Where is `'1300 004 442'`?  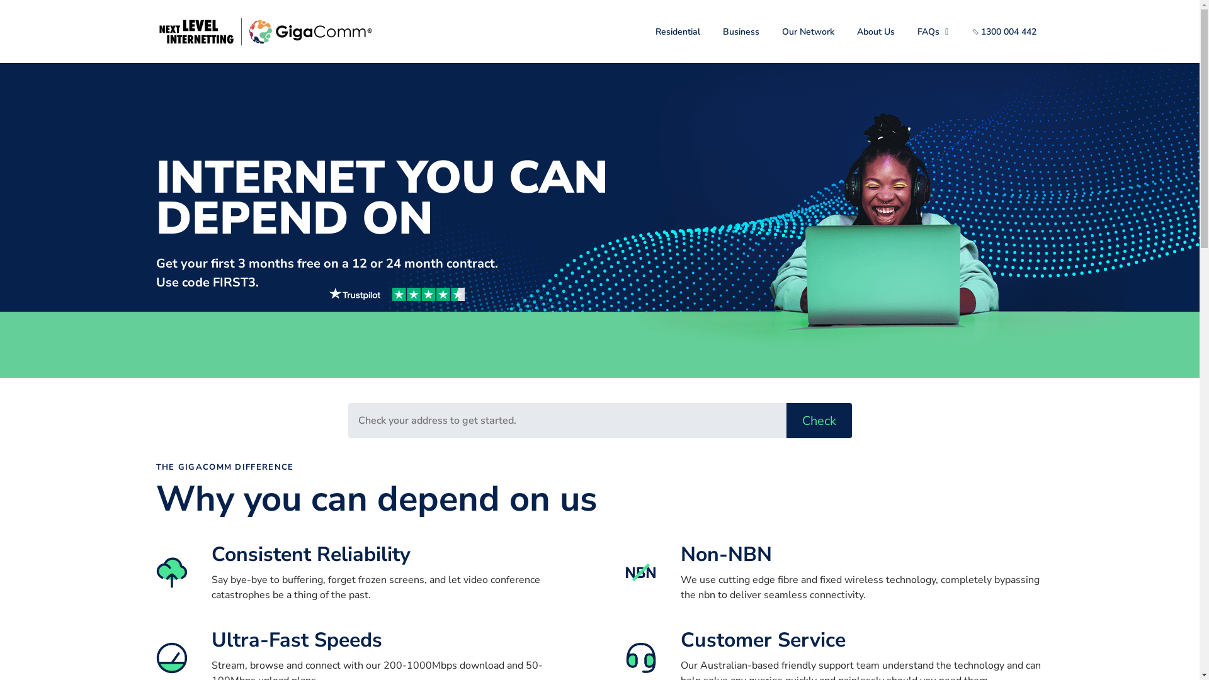
'1300 004 442' is located at coordinates (1004, 30).